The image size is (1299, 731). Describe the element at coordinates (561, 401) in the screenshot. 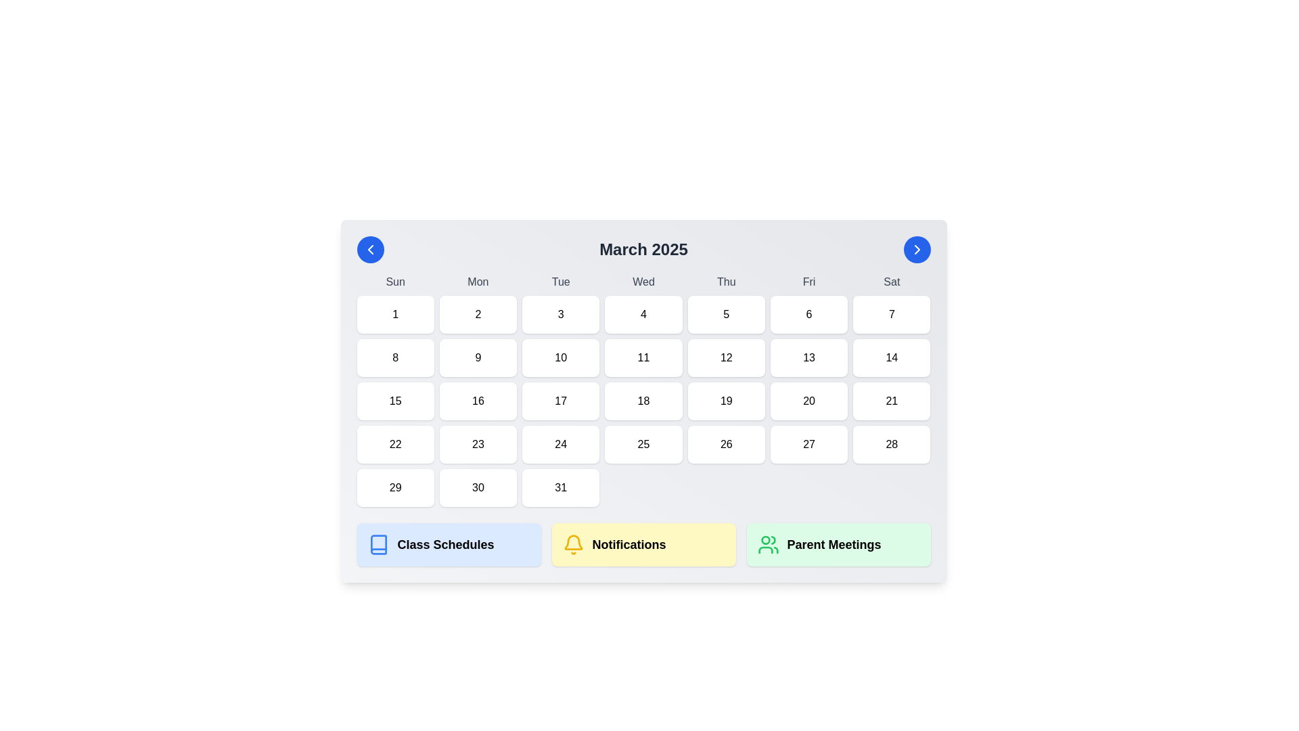

I see `the calendar day button displaying the number '17'` at that location.